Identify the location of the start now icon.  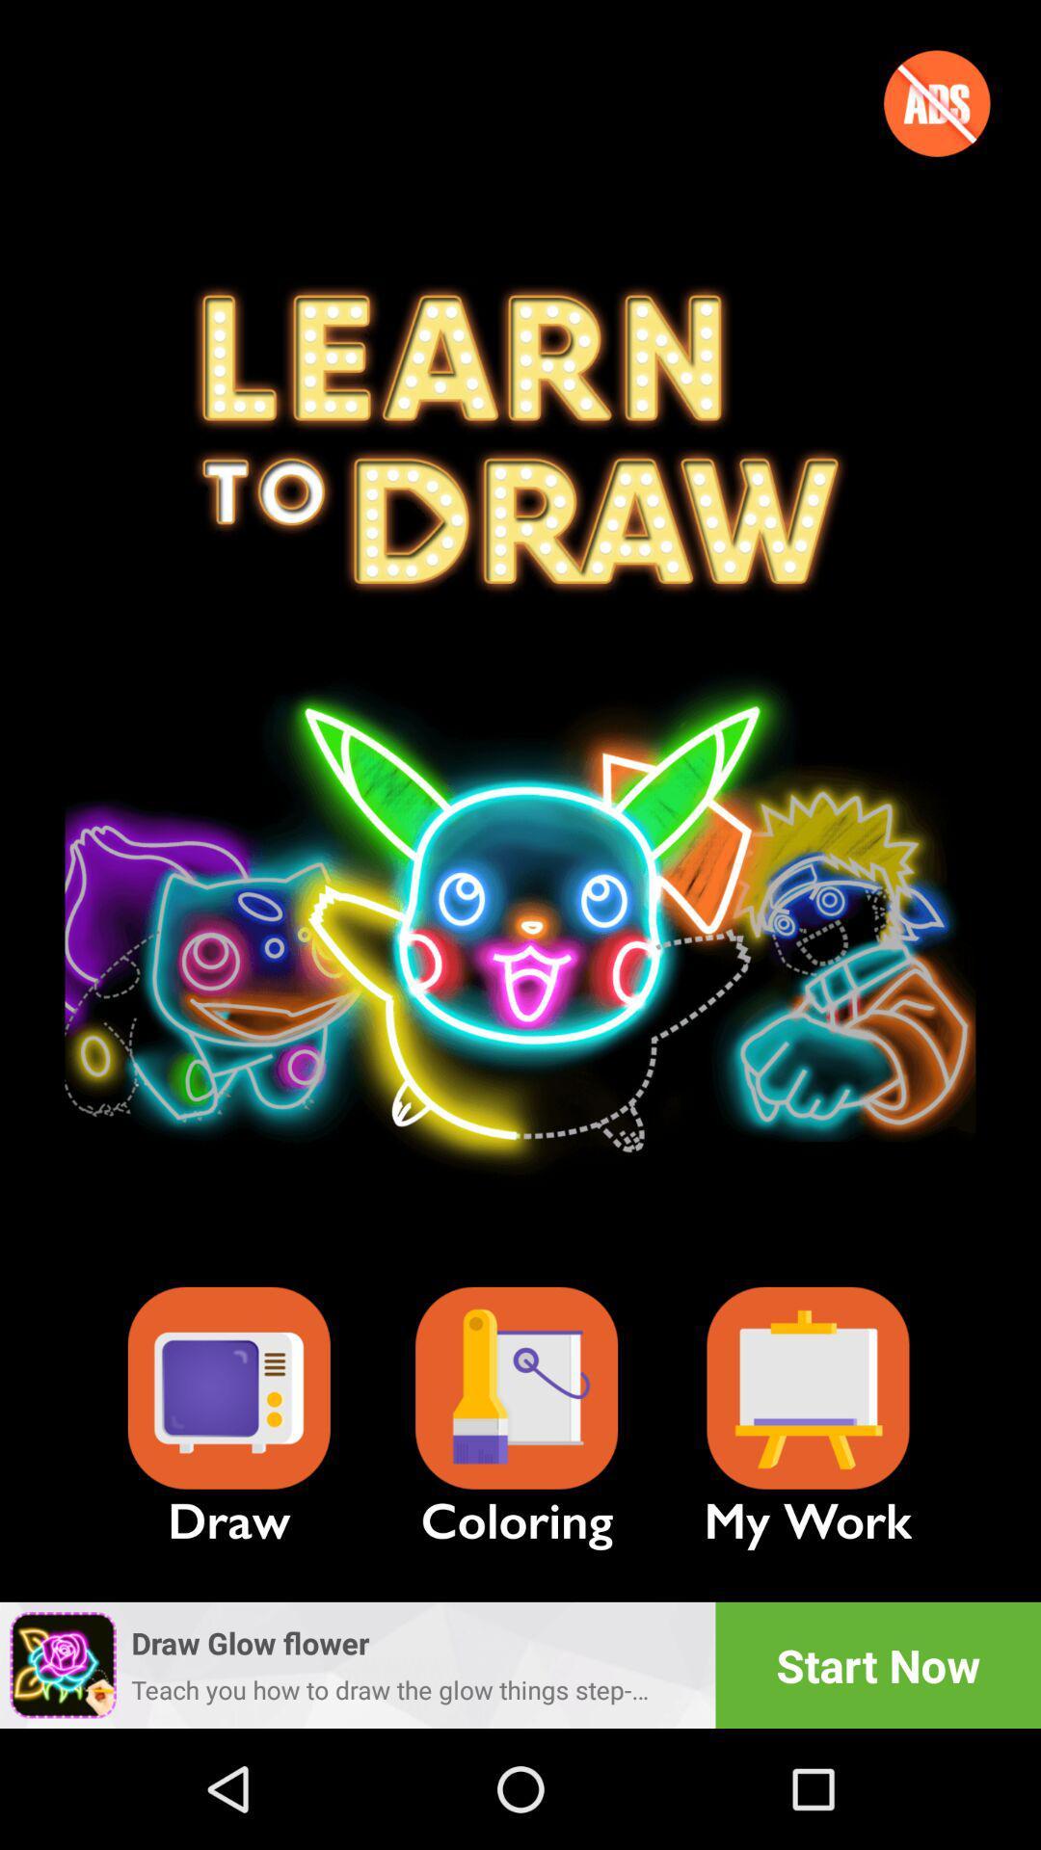
(878, 1664).